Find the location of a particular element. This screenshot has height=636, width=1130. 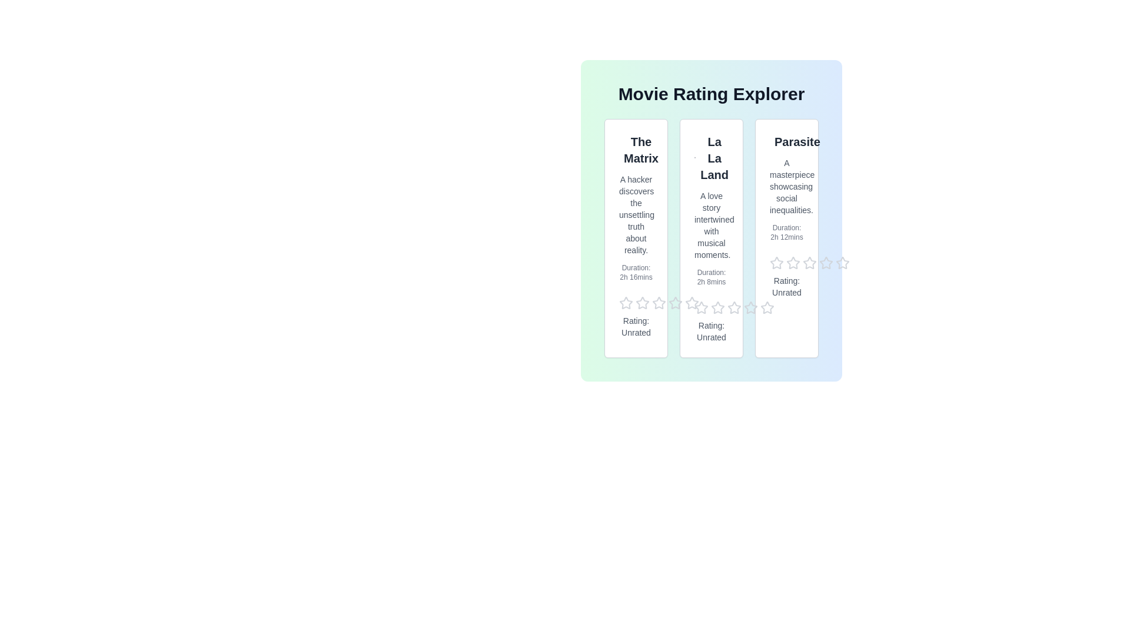

the title of the movie La La Land is located at coordinates (711, 158).